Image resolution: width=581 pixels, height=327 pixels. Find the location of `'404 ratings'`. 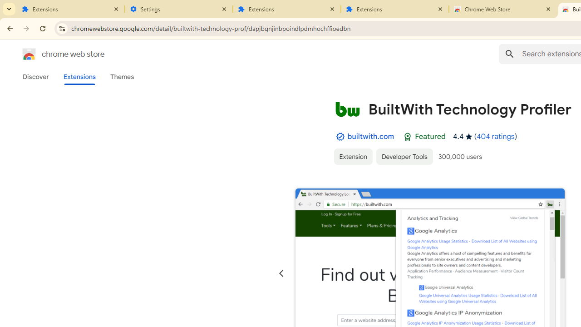

'404 ratings' is located at coordinates (495, 136).